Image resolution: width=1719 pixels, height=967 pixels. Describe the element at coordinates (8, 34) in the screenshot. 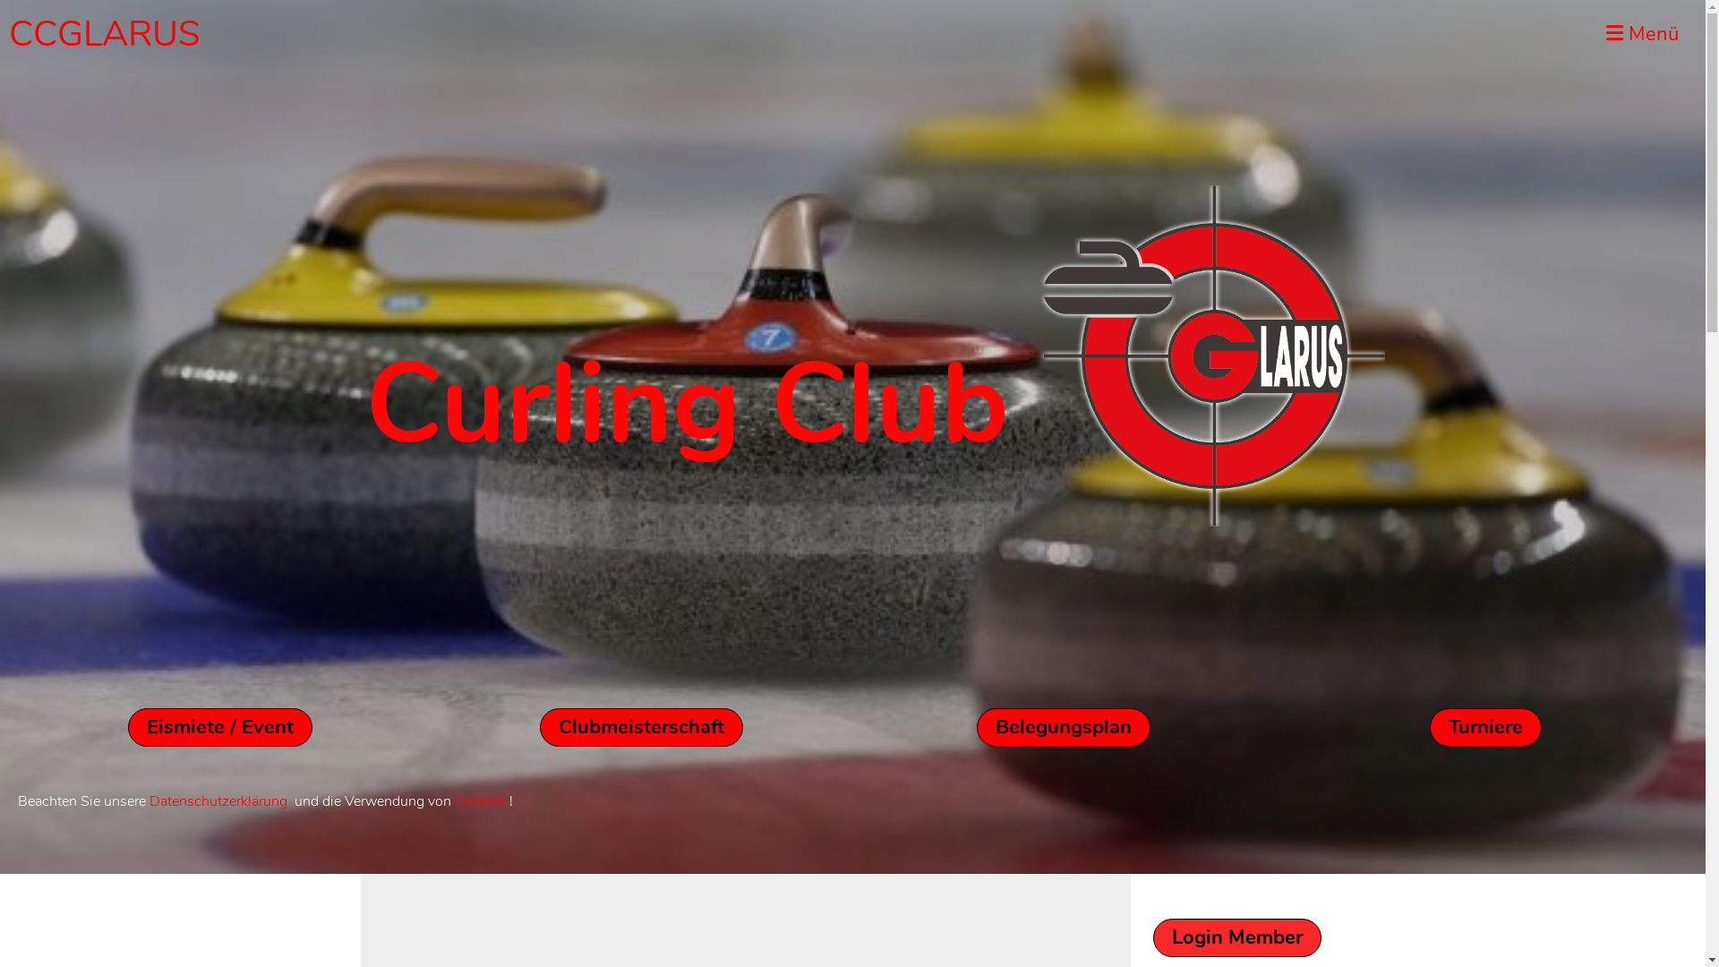

I see `'CCGLARUS'` at that location.